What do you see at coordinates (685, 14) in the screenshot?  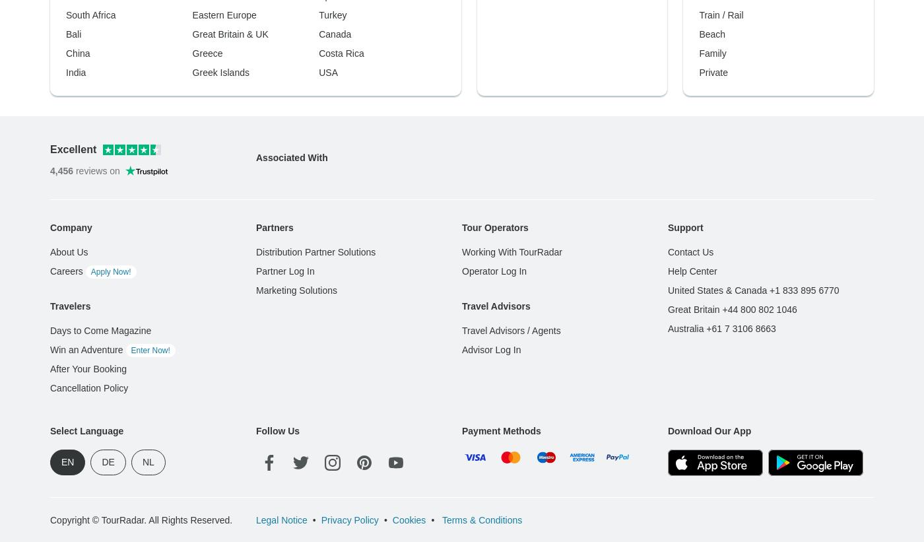 I see `'Support'` at bounding box center [685, 14].